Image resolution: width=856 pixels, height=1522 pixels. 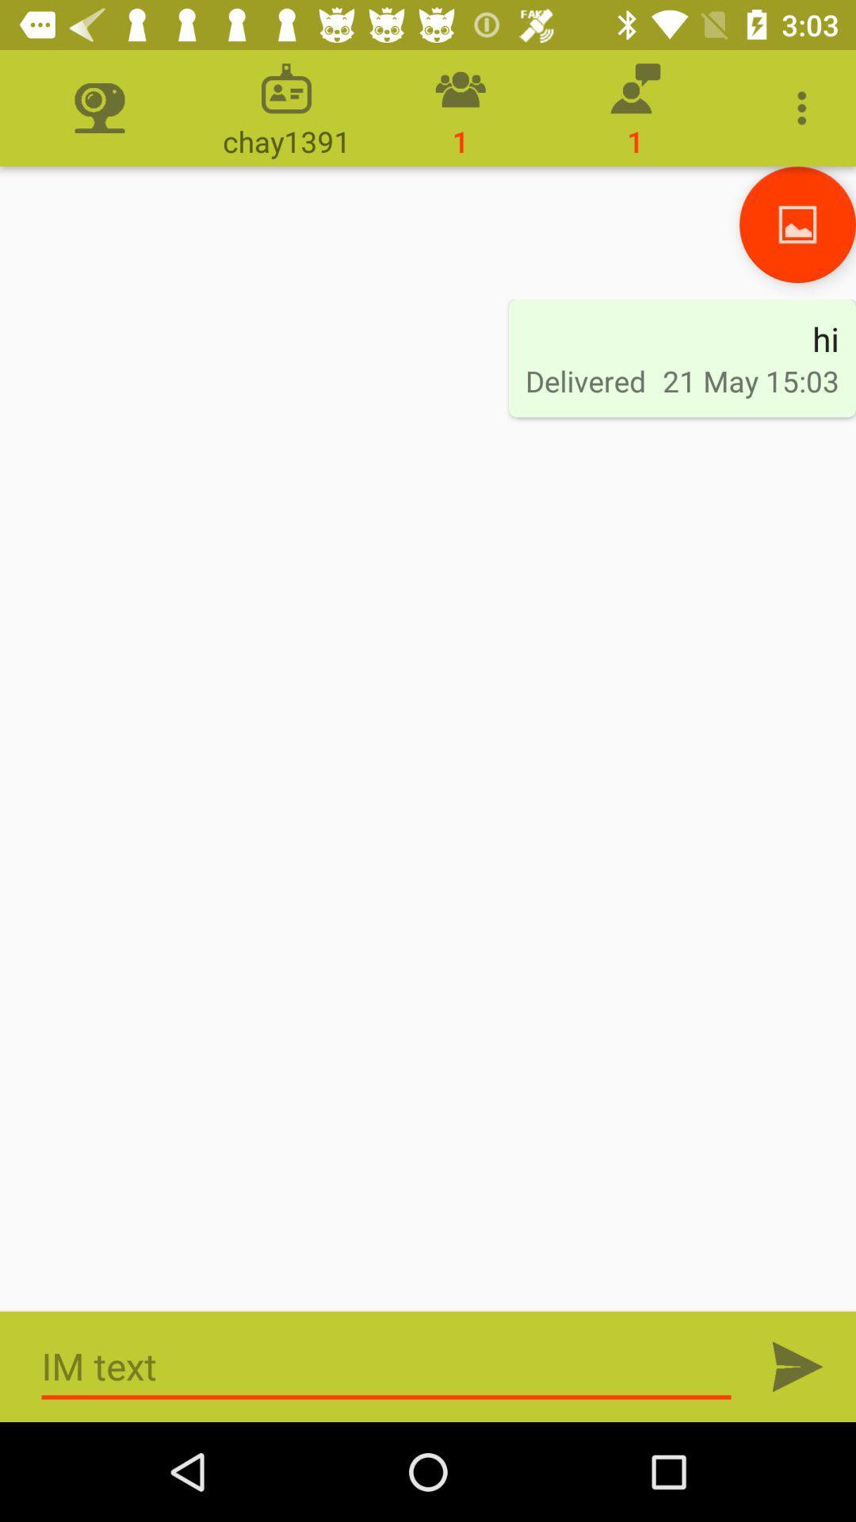 I want to click on previous, so click(x=797, y=224).